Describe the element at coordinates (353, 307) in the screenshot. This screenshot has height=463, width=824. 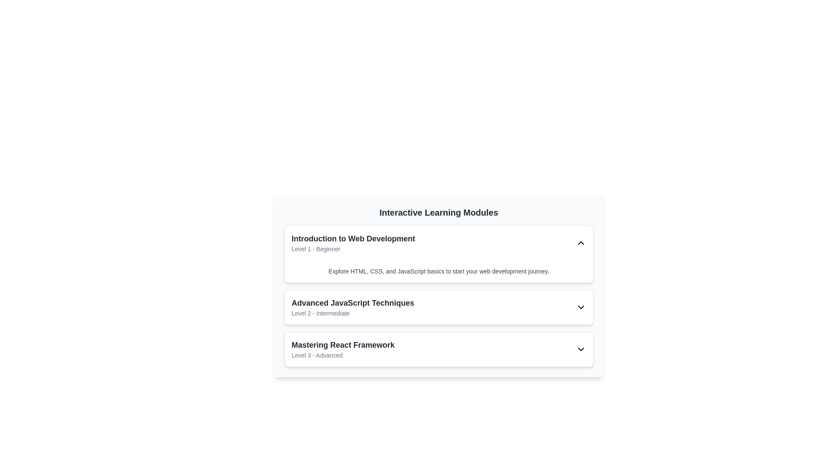
I see `text content of the Text block titled 'Advanced JavaScript Techniques' with subtitle 'Level 2 - Intermediate', located in the middle section of the learning module descriptions` at that location.